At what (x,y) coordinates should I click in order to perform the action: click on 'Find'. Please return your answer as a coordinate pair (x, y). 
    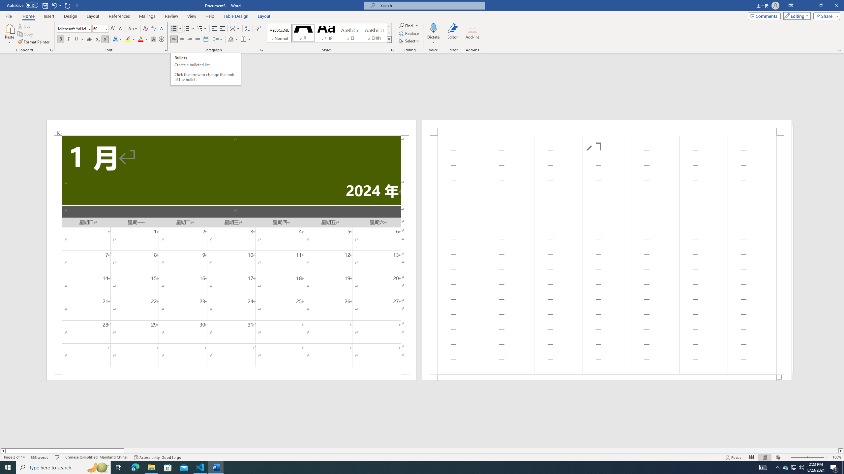
    Looking at the image, I should click on (406, 25).